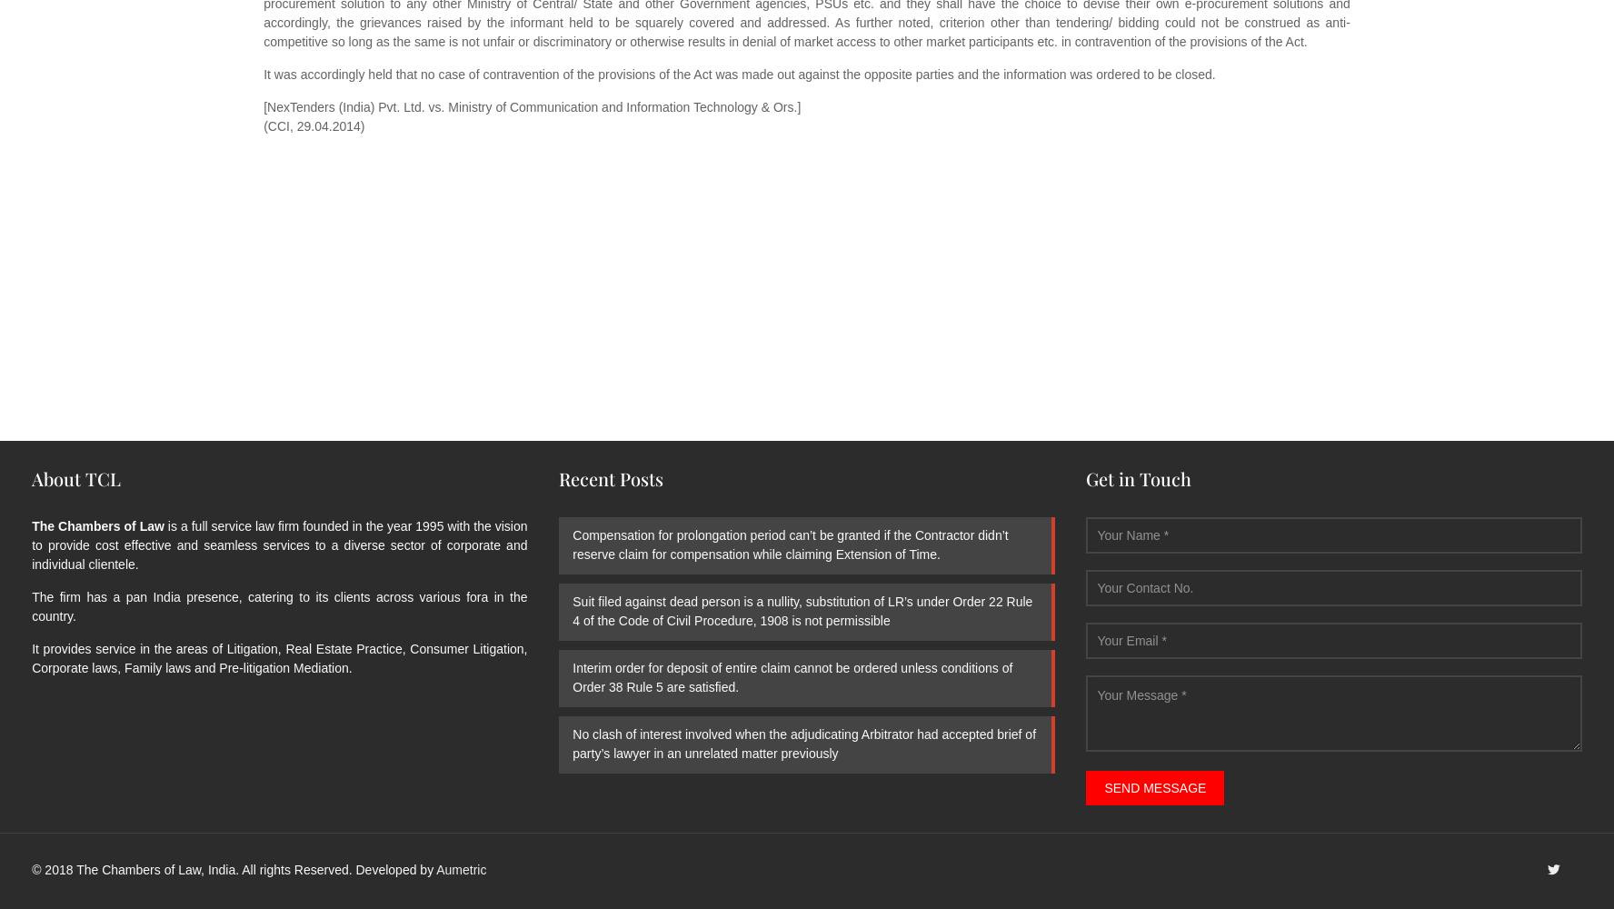 The image size is (1614, 909). I want to click on 'No clash of interest involved when the adjudicating Arbitrator had accepted brief of party’s lawyer in an unrelated matter previously', so click(803, 743).